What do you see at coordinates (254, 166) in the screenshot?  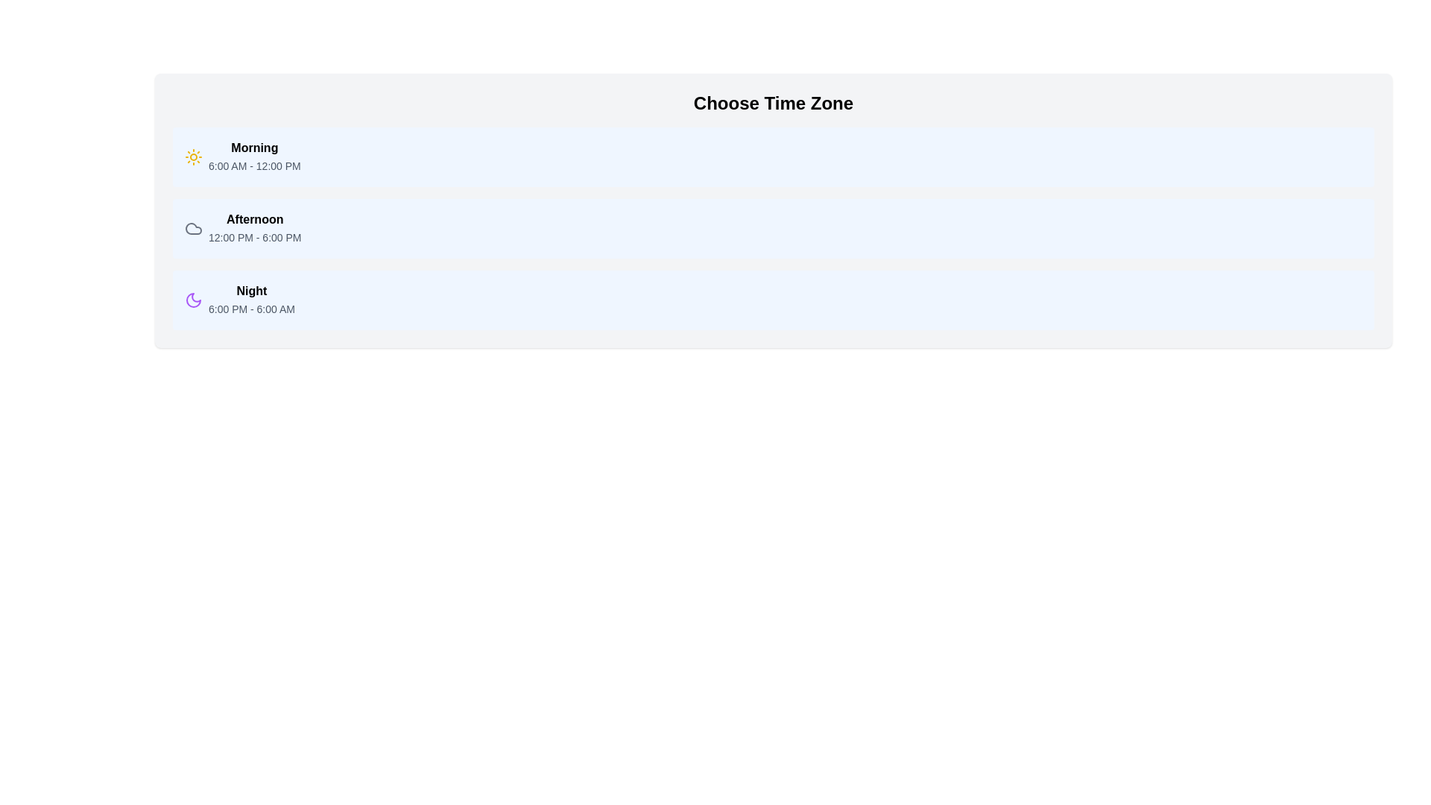 I see `the Text Label displaying the time range '6:00 AM - 12:00 PM' located beneath the 'Morning' label` at bounding box center [254, 166].